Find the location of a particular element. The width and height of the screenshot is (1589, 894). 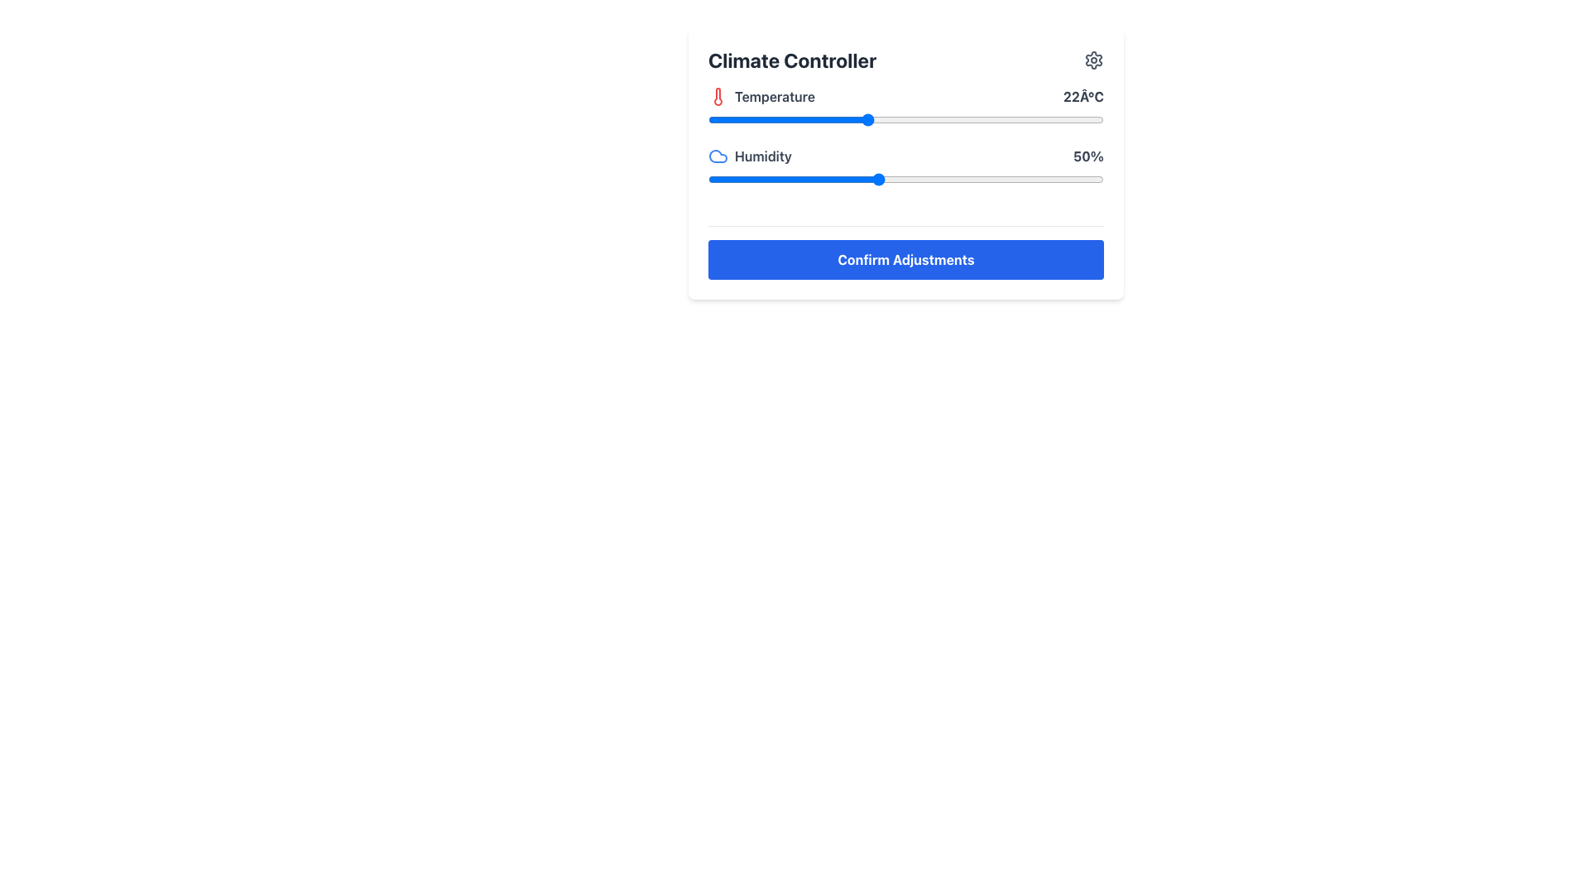

the cog icon resembling a gear in the top-right corner of the 'Climate Controller' card is located at coordinates (1093, 60).